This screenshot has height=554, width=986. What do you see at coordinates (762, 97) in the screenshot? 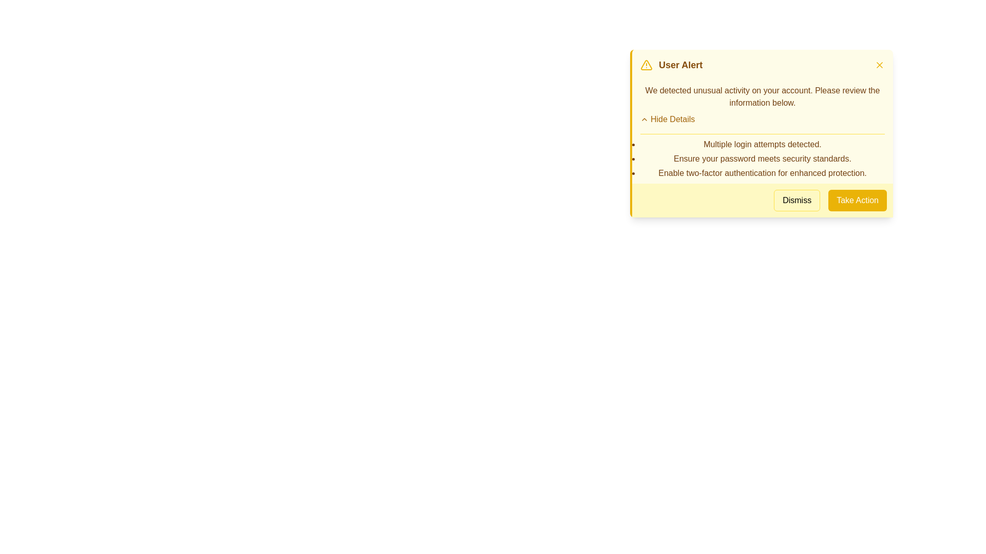
I see `the static text displaying 'We detected unusual activity on your account. Please review the information below.' which is centrally aligned in a yellow alert box` at bounding box center [762, 97].